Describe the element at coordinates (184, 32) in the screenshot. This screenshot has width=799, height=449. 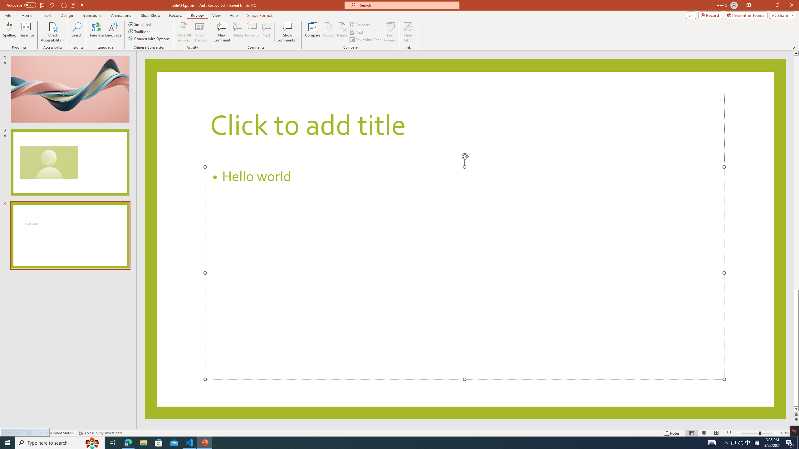
I see `'Mark All as Read'` at that location.